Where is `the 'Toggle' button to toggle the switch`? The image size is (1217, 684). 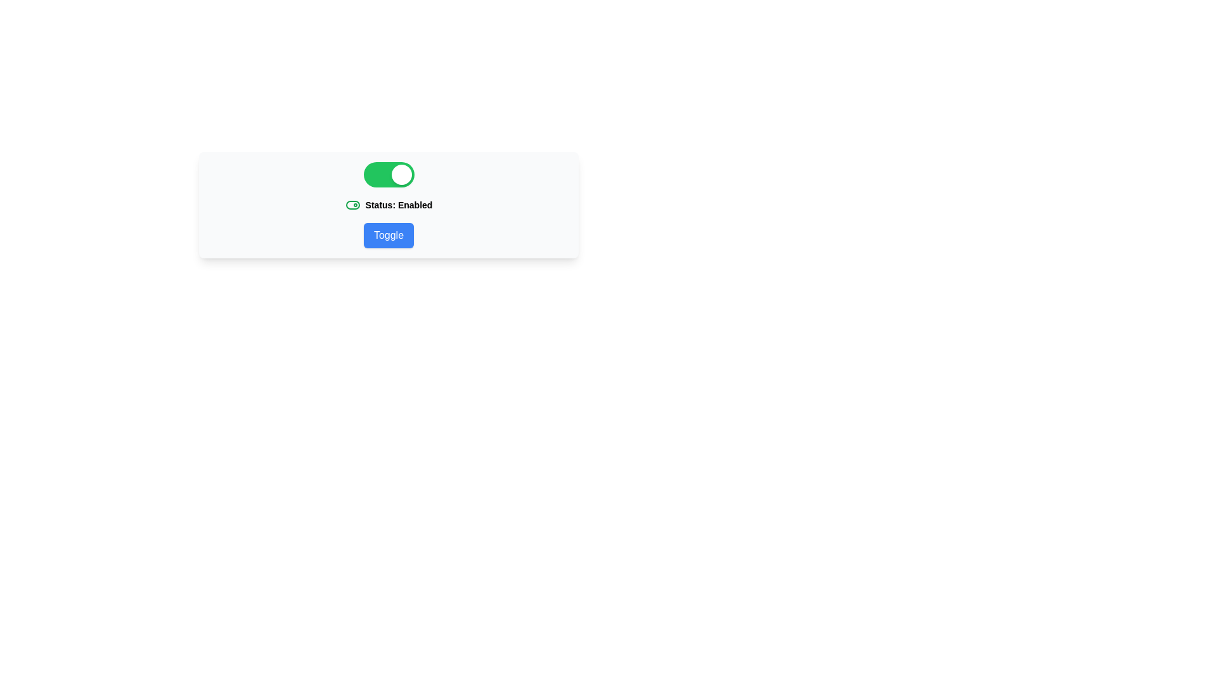 the 'Toggle' button to toggle the switch is located at coordinates (388, 235).